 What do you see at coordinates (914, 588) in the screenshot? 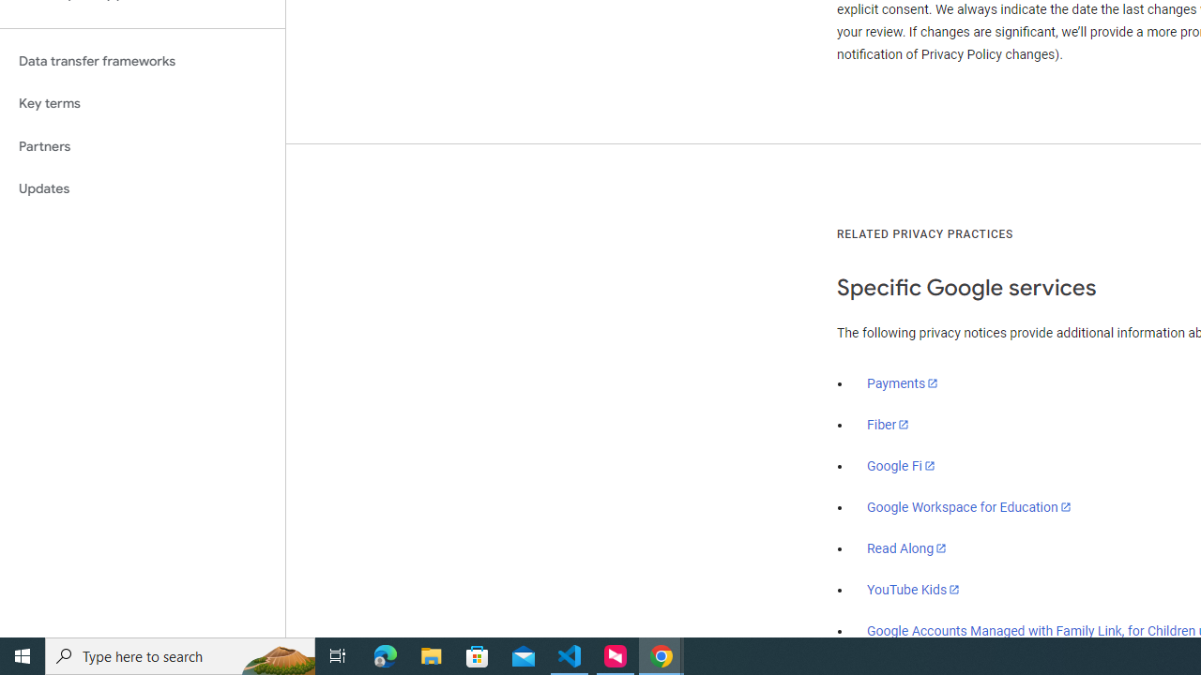
I see `'YouTube Kids'` at bounding box center [914, 588].